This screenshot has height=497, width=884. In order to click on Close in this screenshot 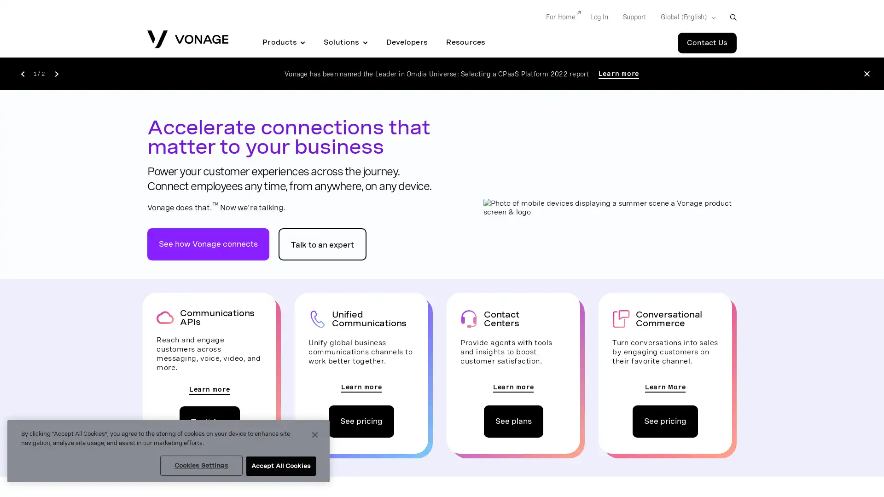, I will do `click(315, 435)`.